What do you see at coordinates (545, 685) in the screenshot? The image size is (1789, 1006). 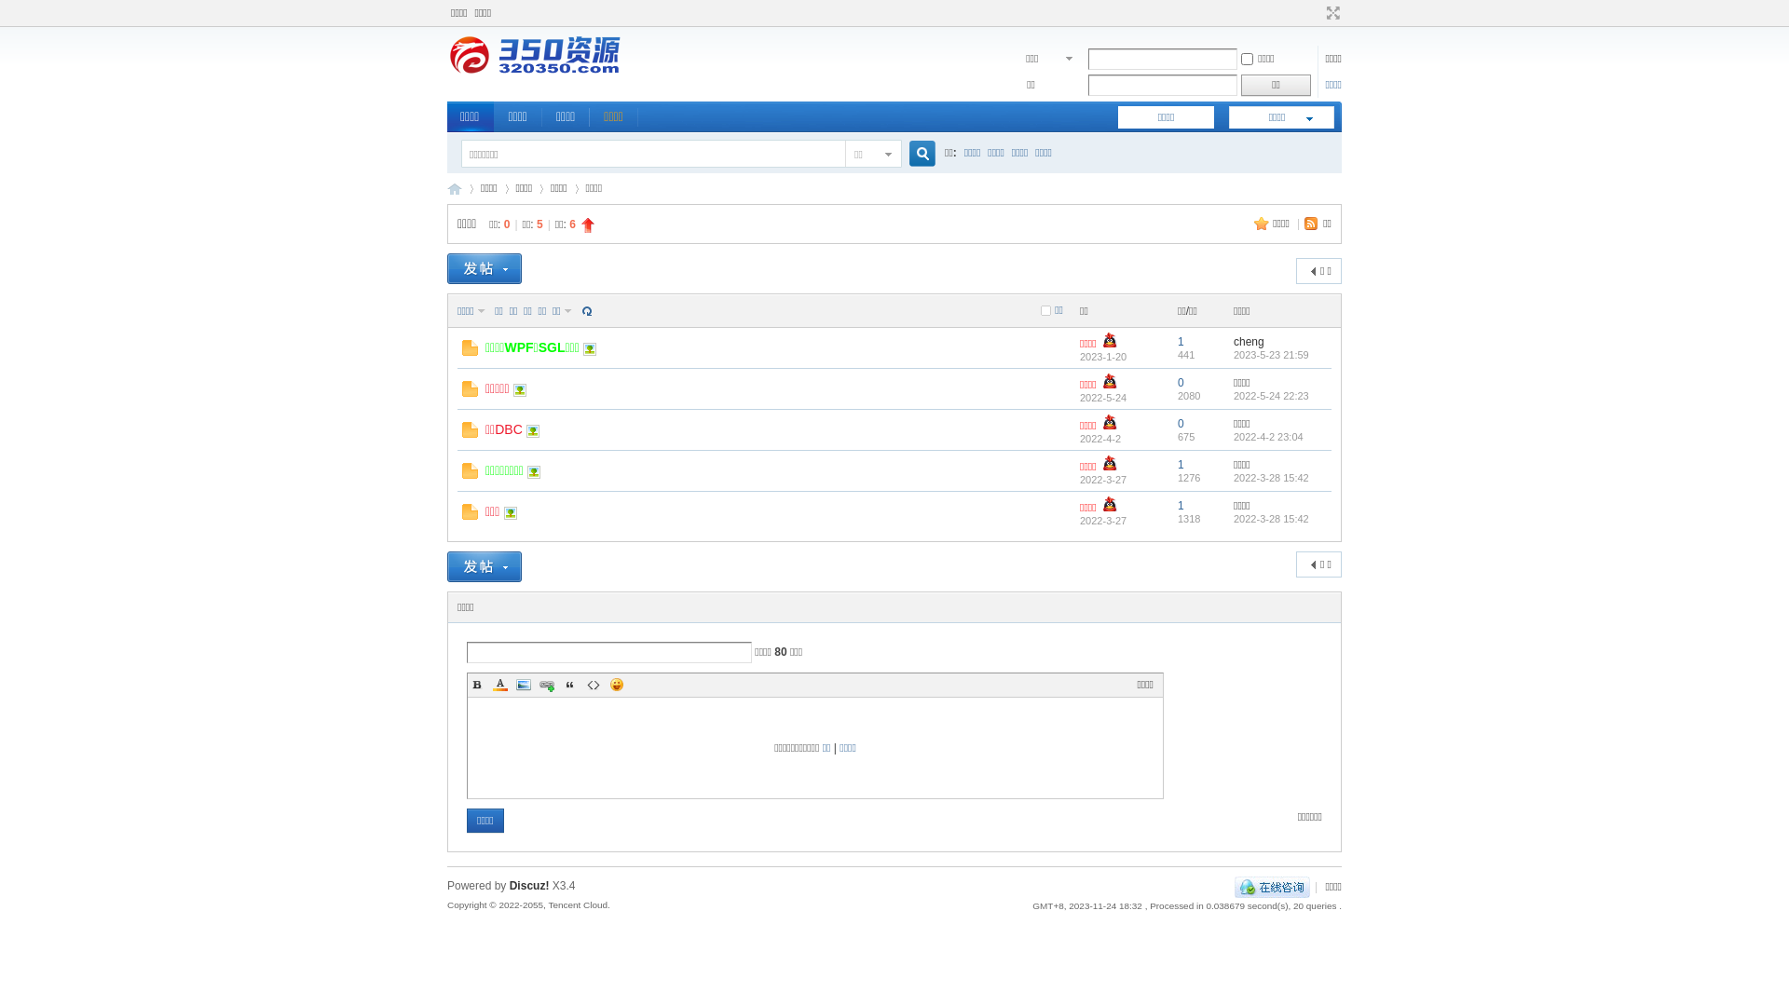 I see `'Link'` at bounding box center [545, 685].